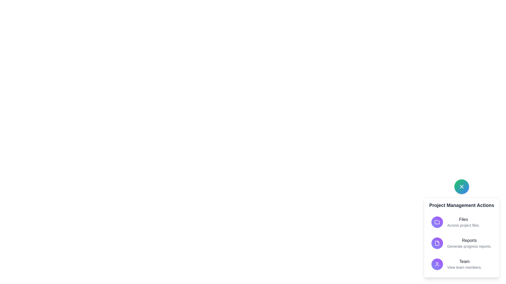 The width and height of the screenshot is (506, 284). I want to click on the text in the popup corresponding to Team, so click(464, 262).